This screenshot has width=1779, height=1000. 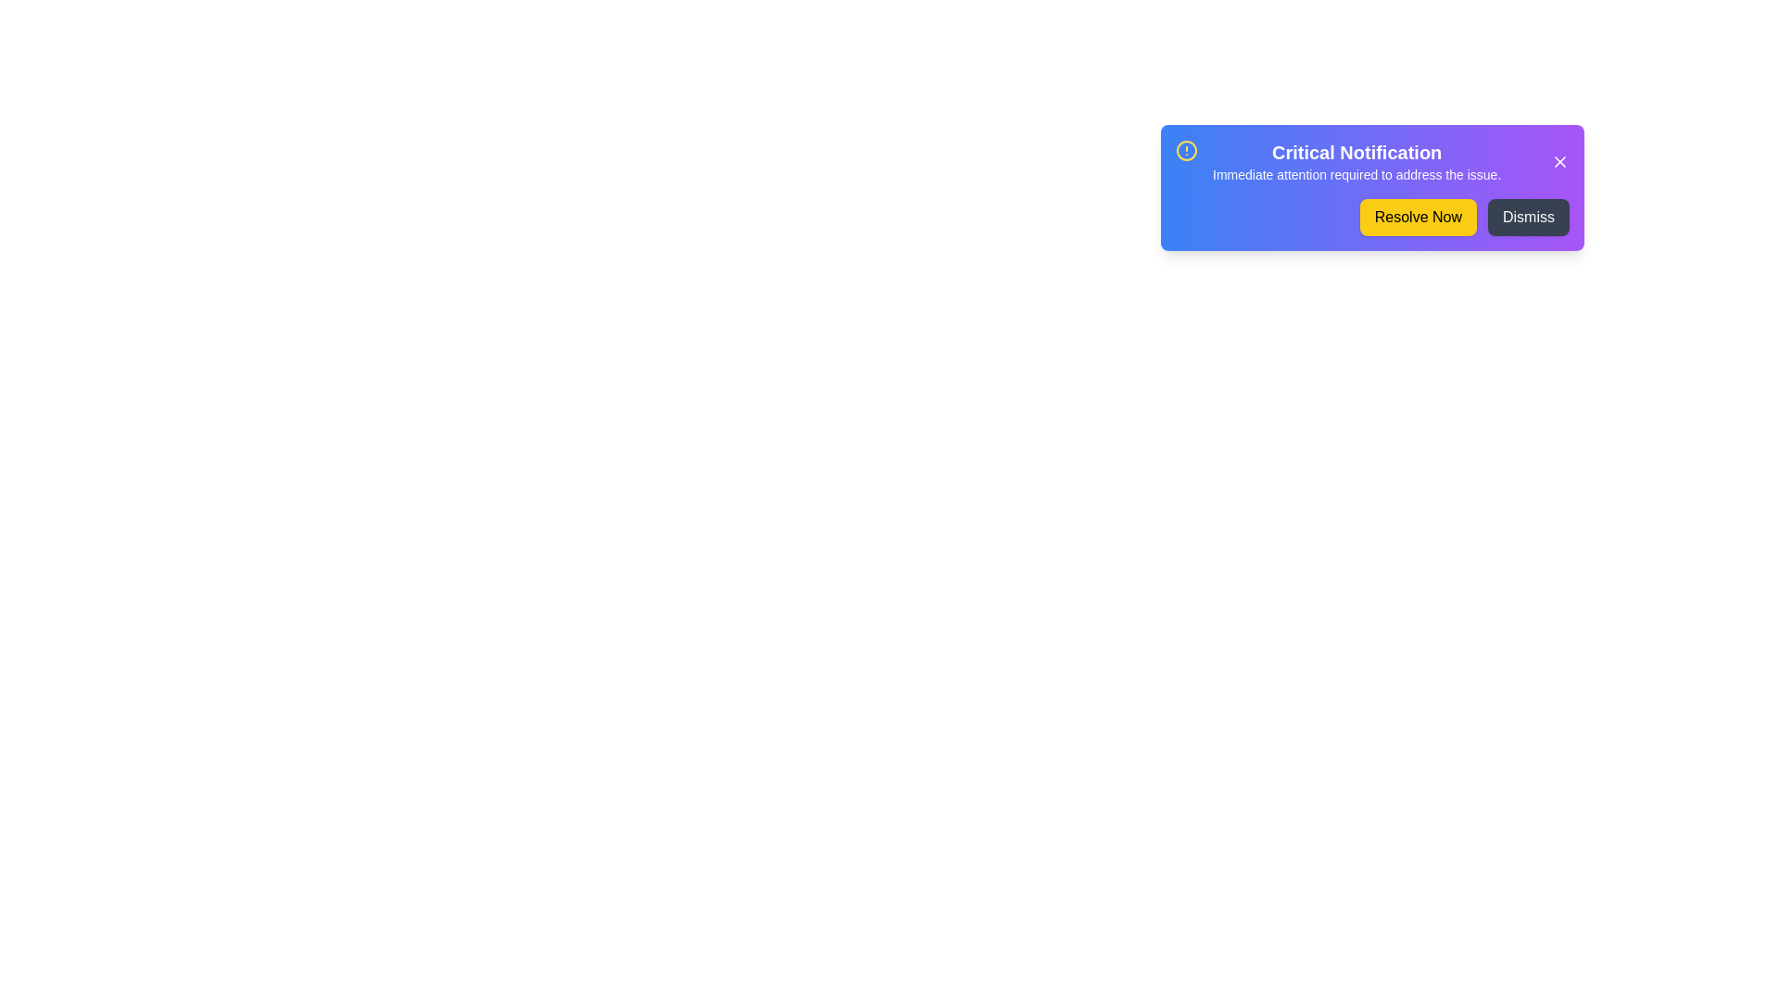 I want to click on the button located near the right end of the notification box titled 'Critical Notification', so click(x=1417, y=217).